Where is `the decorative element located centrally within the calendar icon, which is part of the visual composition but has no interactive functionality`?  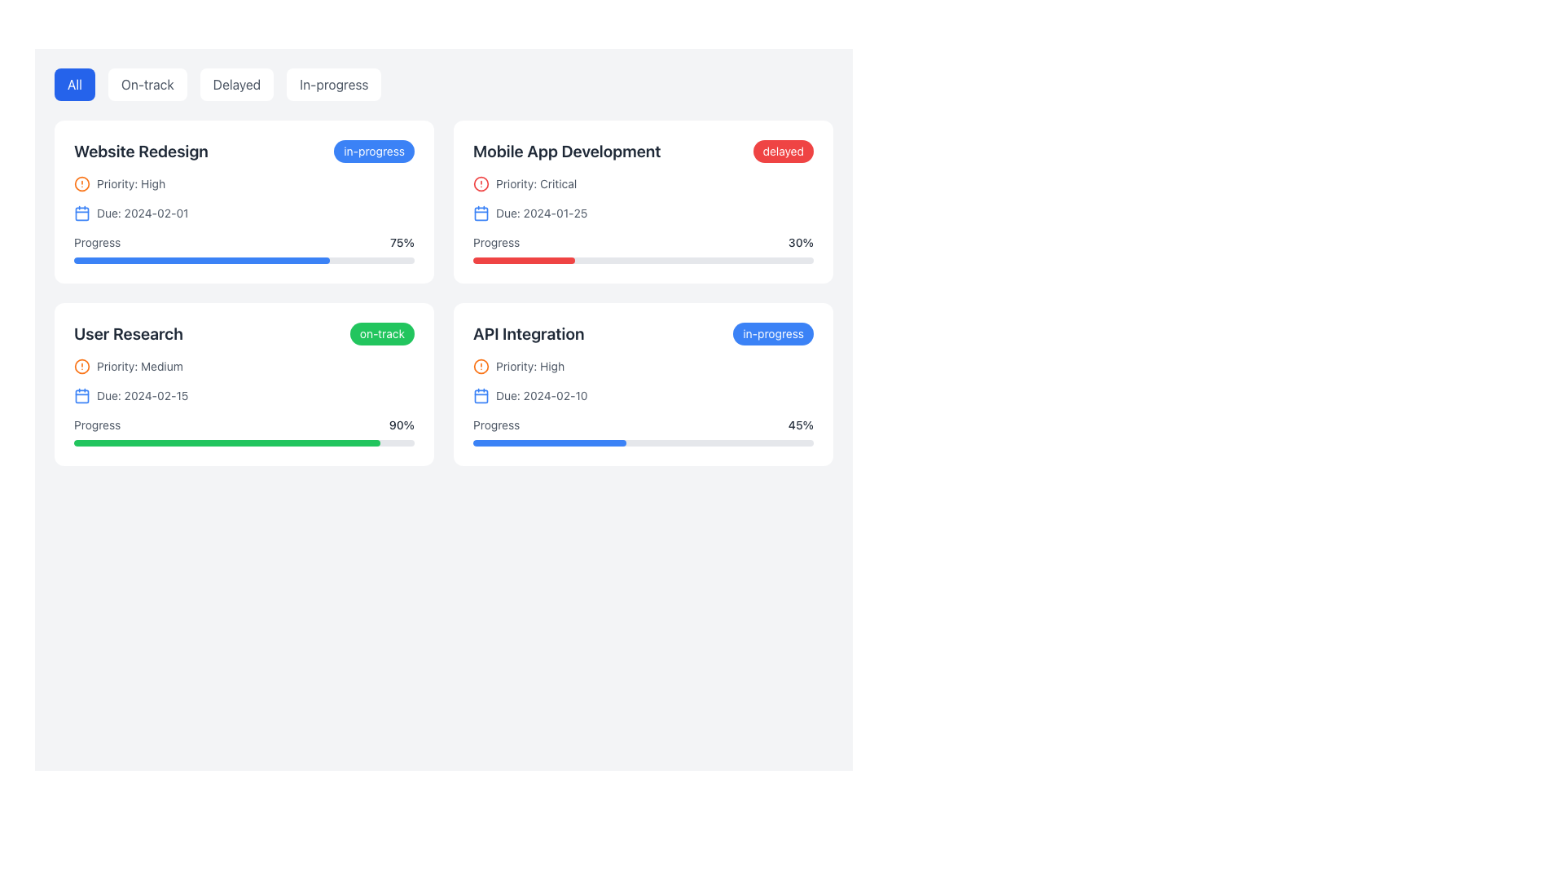 the decorative element located centrally within the calendar icon, which is part of the visual composition but has no interactive functionality is located at coordinates (480, 213).